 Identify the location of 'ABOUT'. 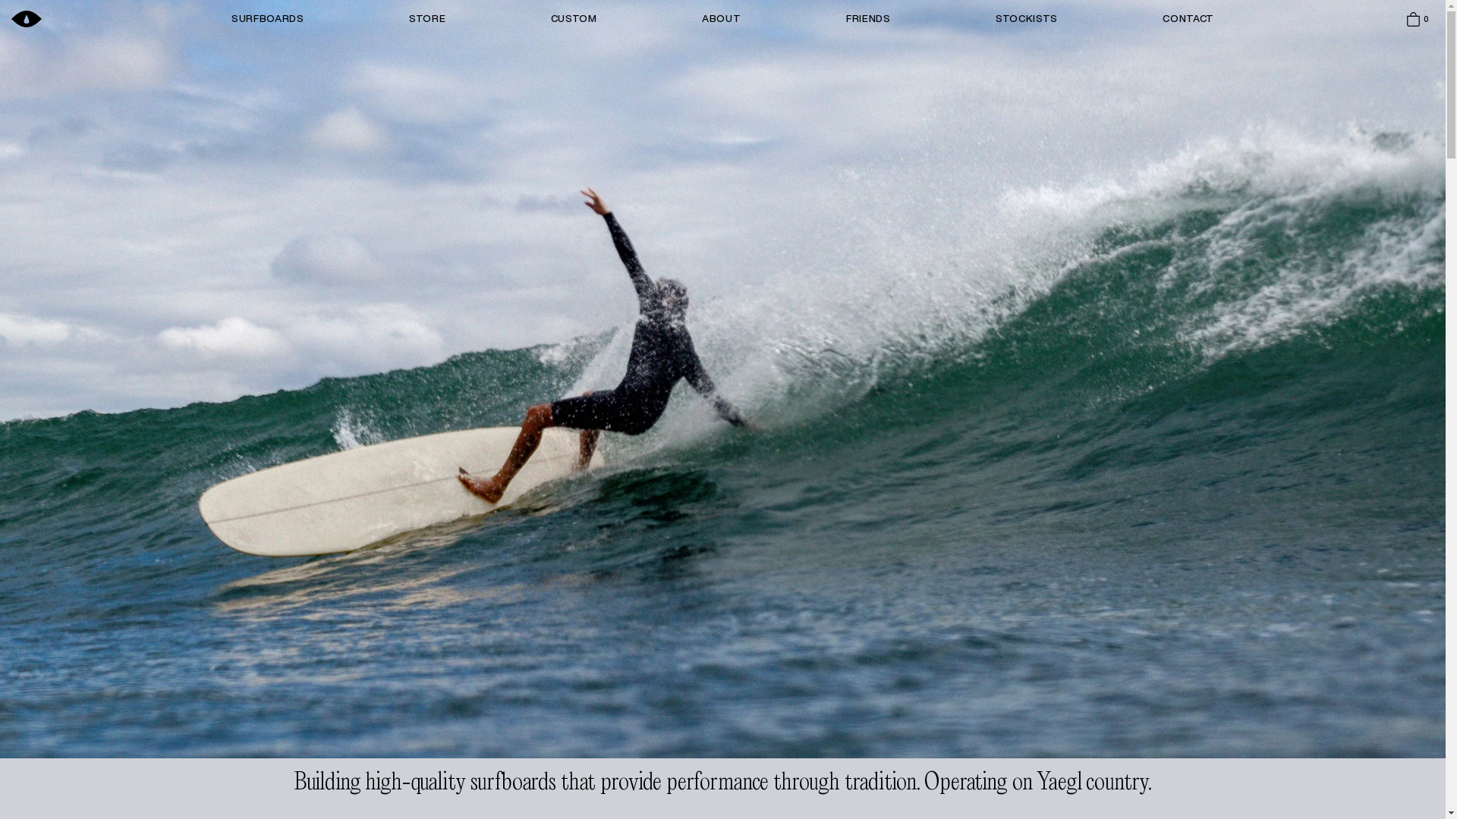
(686, 18).